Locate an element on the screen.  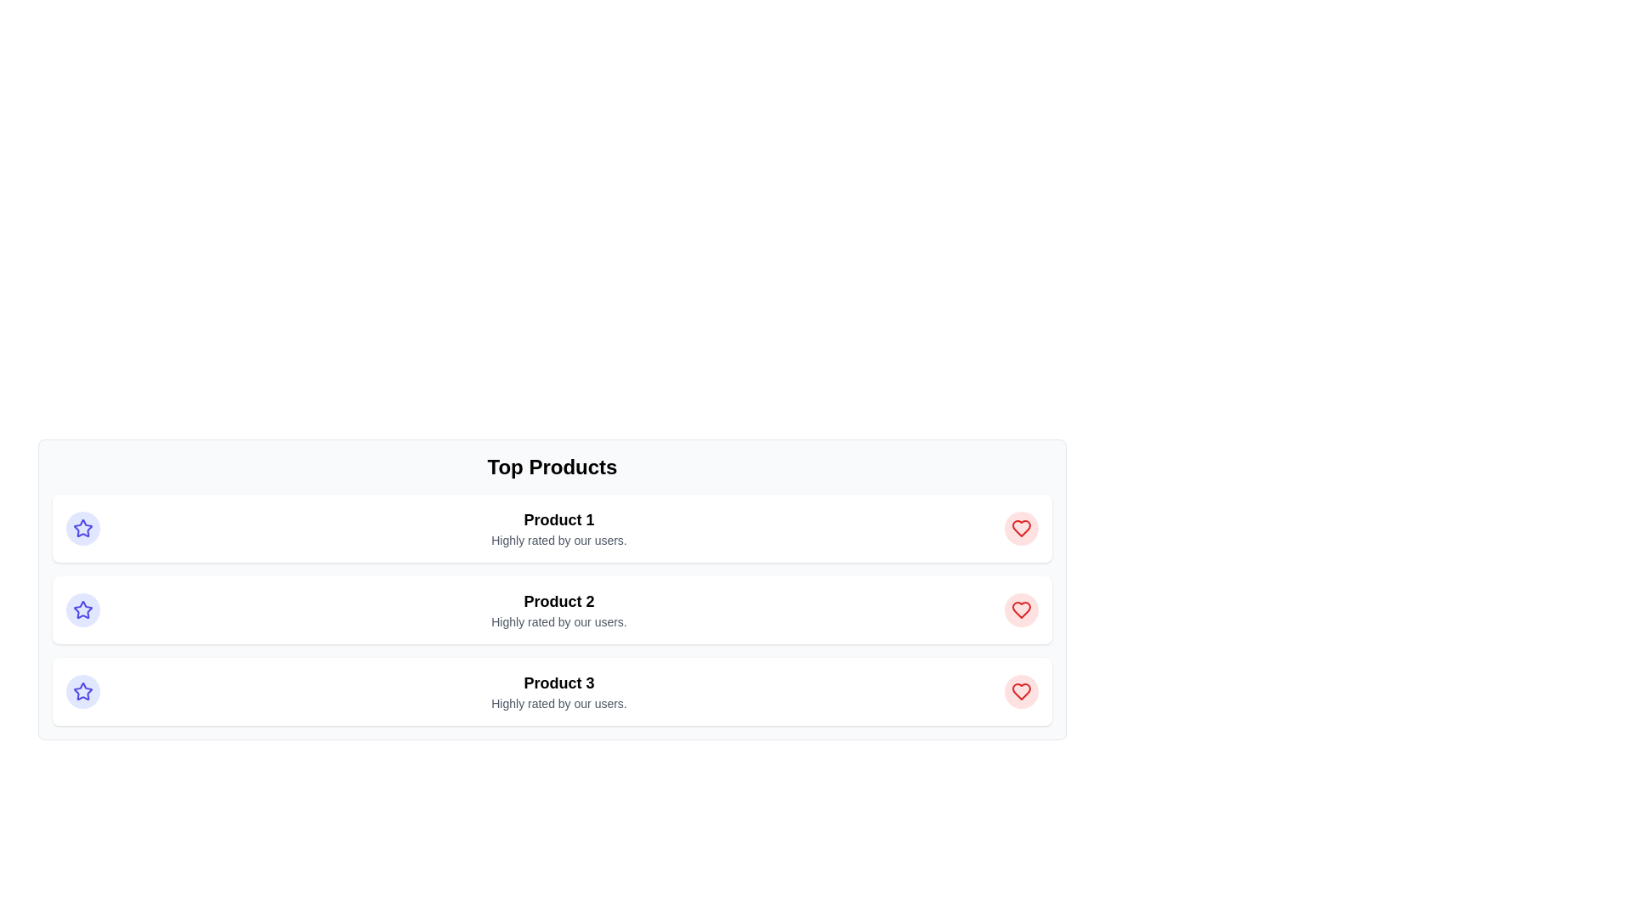
the text of the label identifying 'Product 3' located in the bottom-most row of the product list for copying is located at coordinates (558, 682).